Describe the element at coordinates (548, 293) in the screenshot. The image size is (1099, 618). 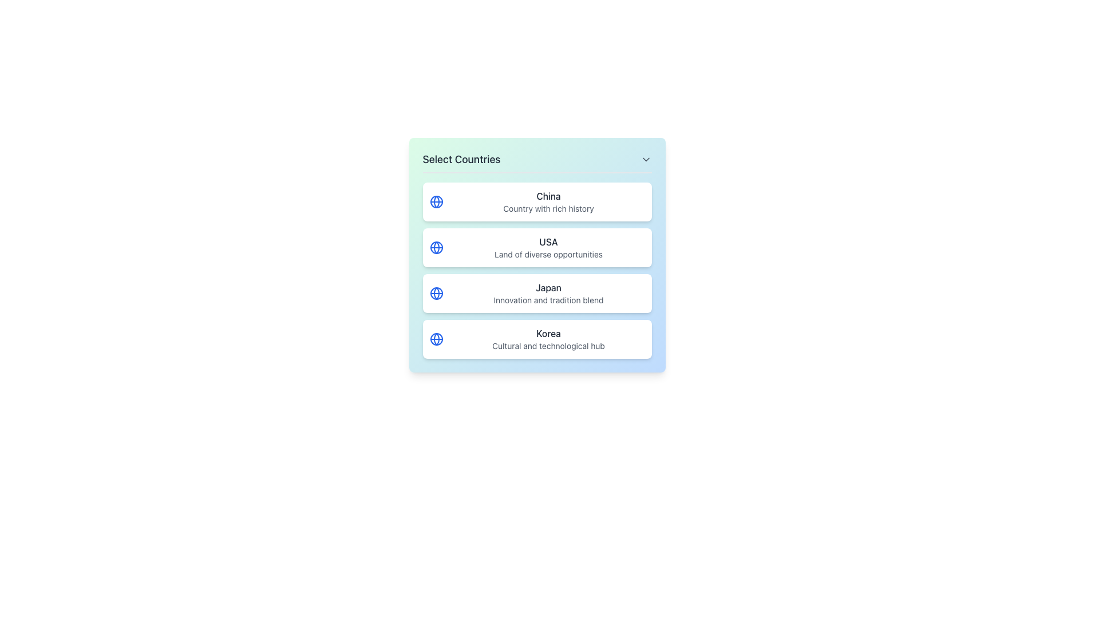
I see `the selectable list item representing 'Japan'` at that location.